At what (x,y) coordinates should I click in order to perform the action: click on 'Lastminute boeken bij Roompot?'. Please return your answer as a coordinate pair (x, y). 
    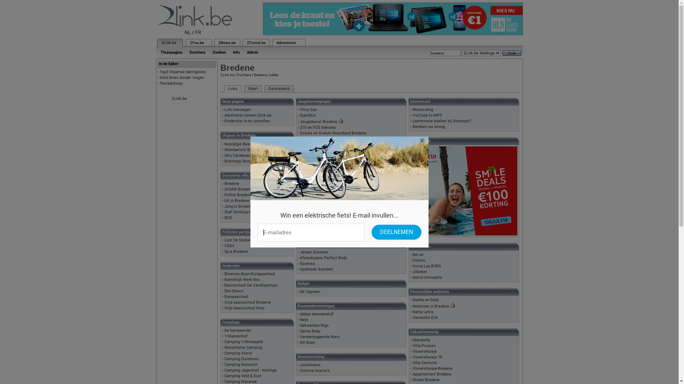
    Looking at the image, I should click on (441, 121).